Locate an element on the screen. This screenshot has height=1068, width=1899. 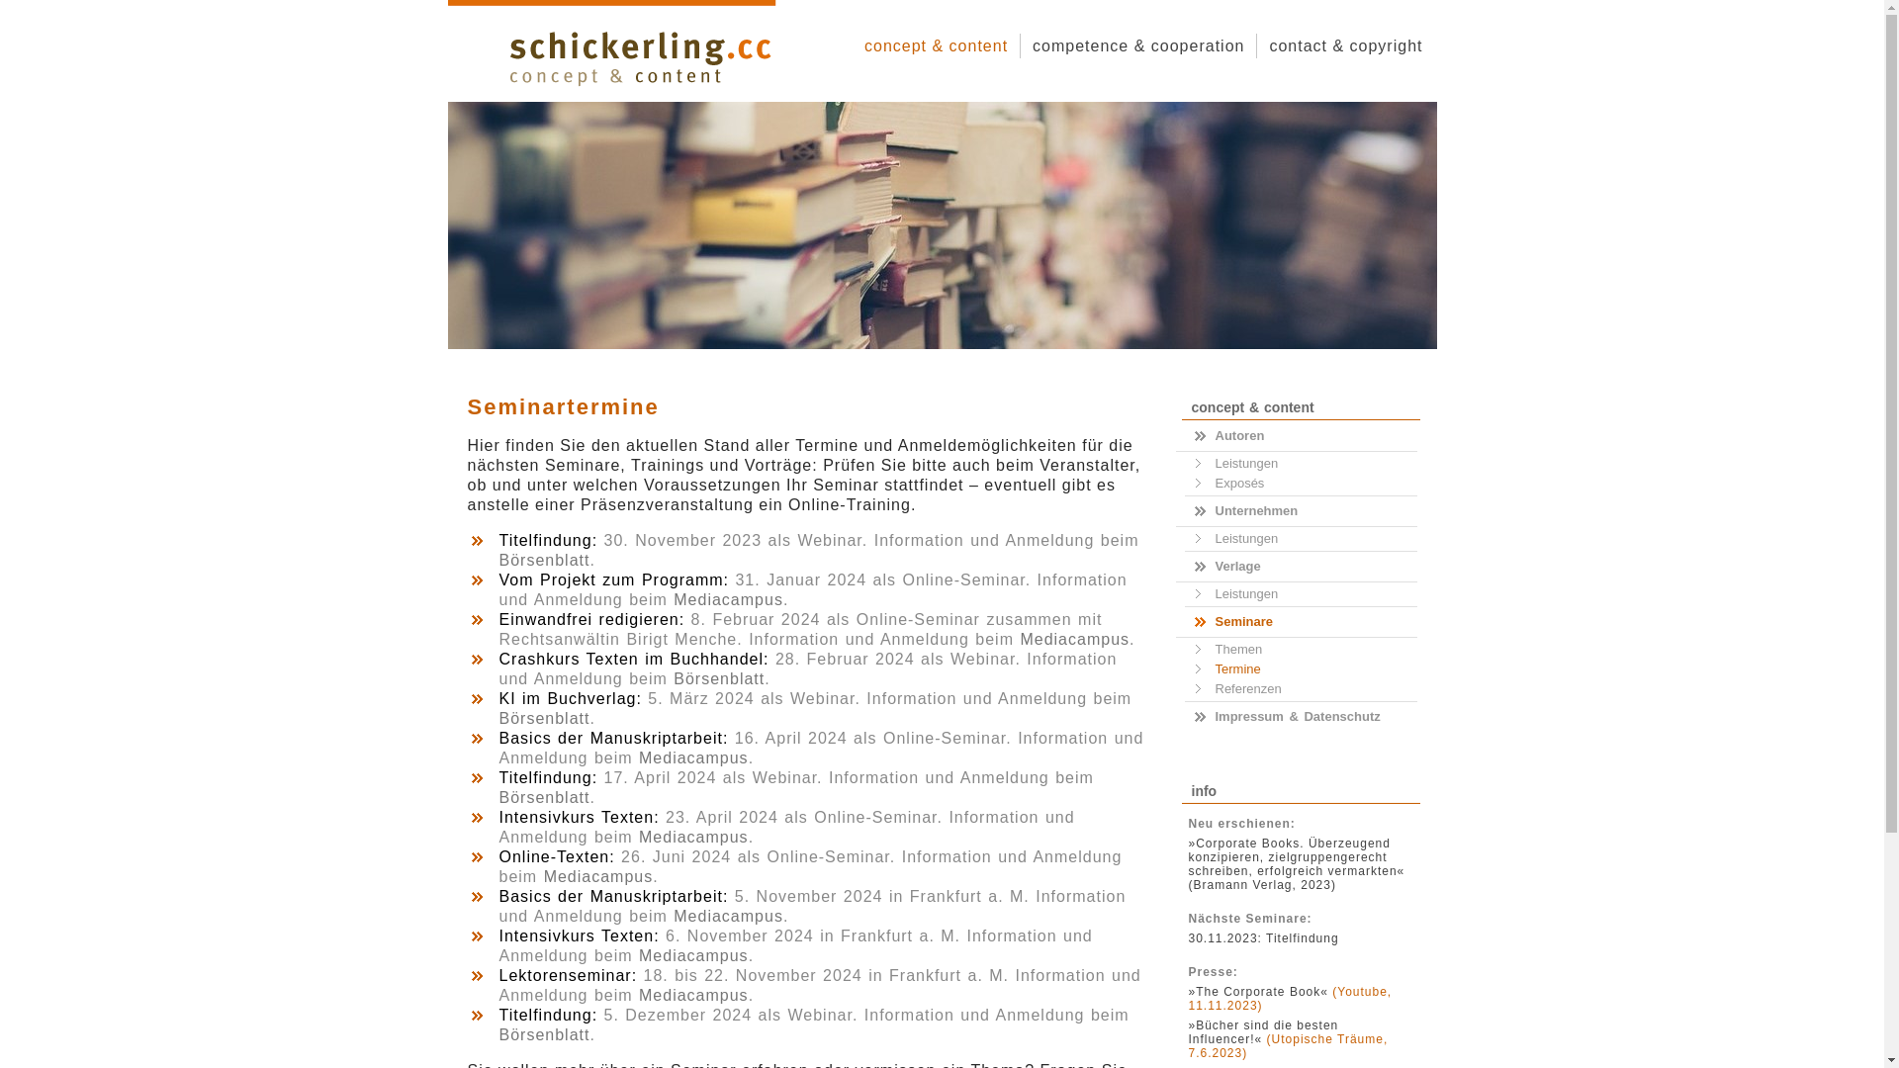
'Themen' is located at coordinates (1296, 649).